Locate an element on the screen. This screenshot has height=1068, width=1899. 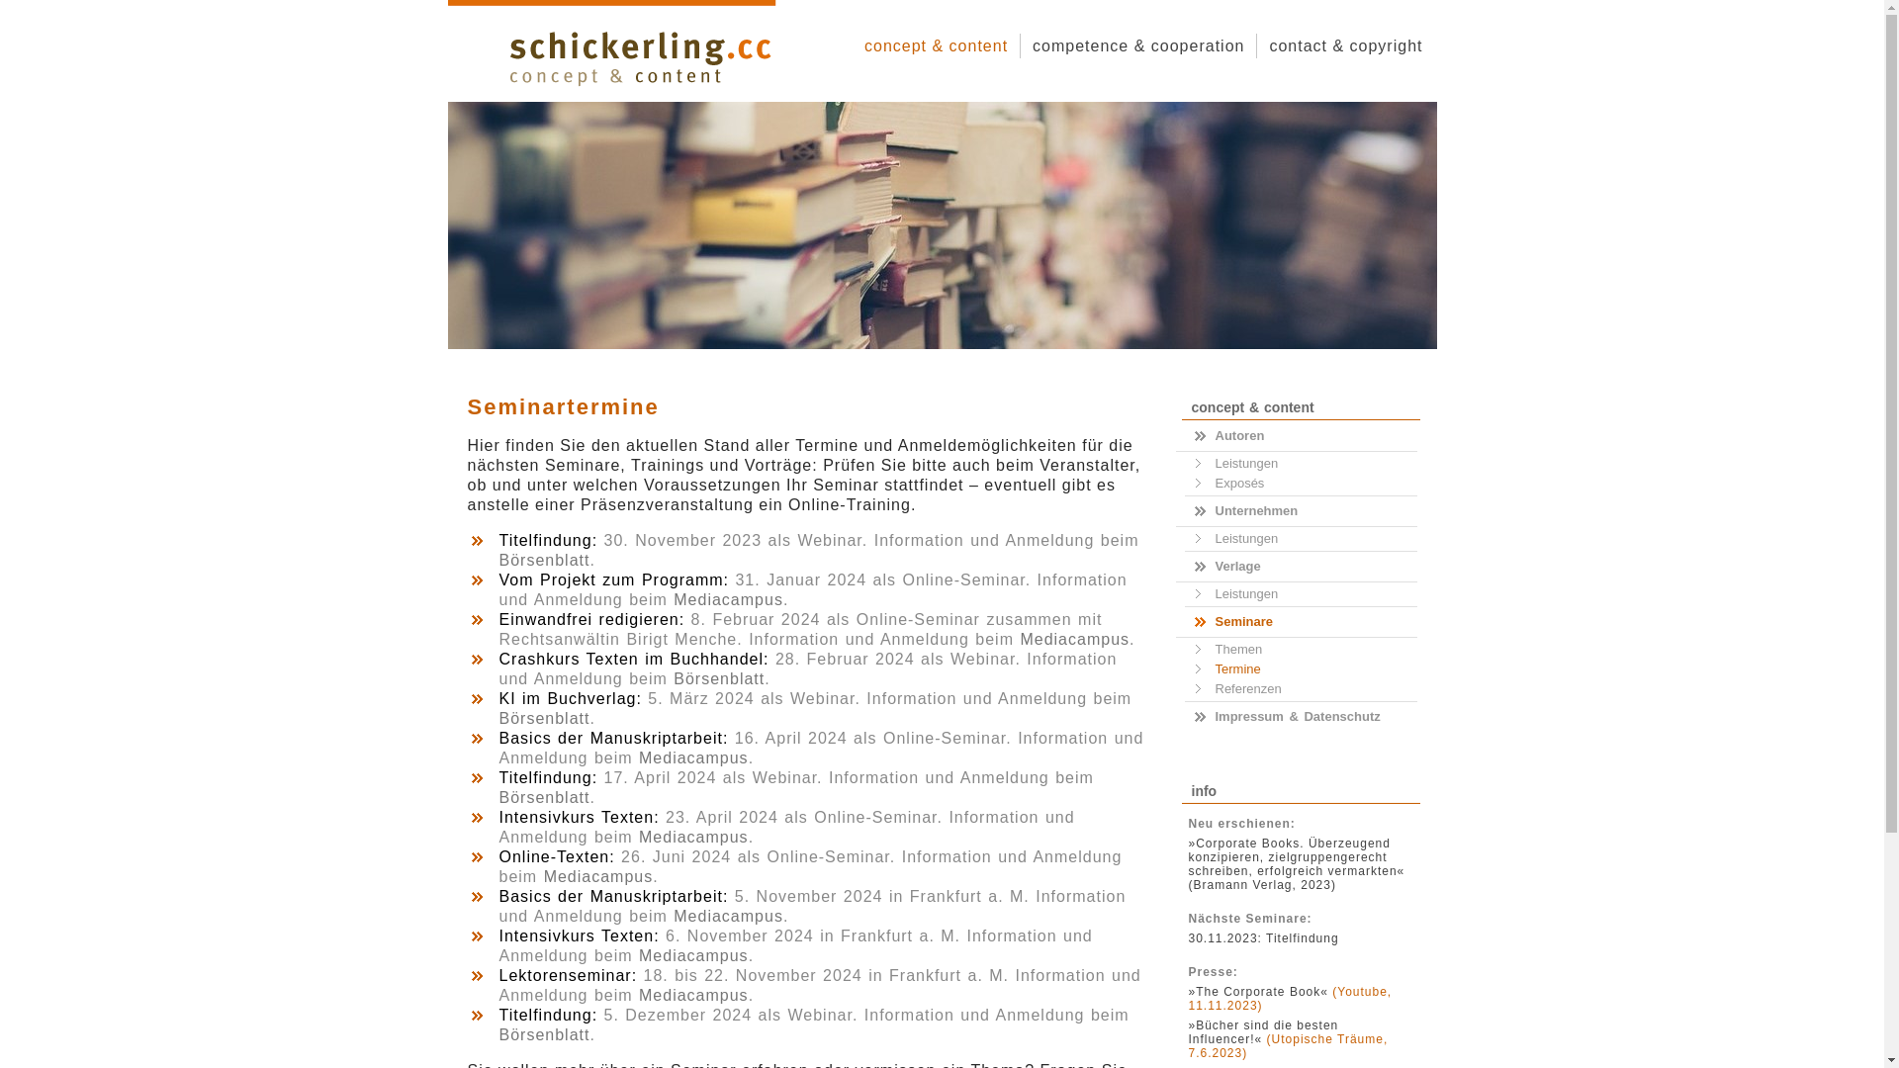
'Themen' is located at coordinates (1296, 649).